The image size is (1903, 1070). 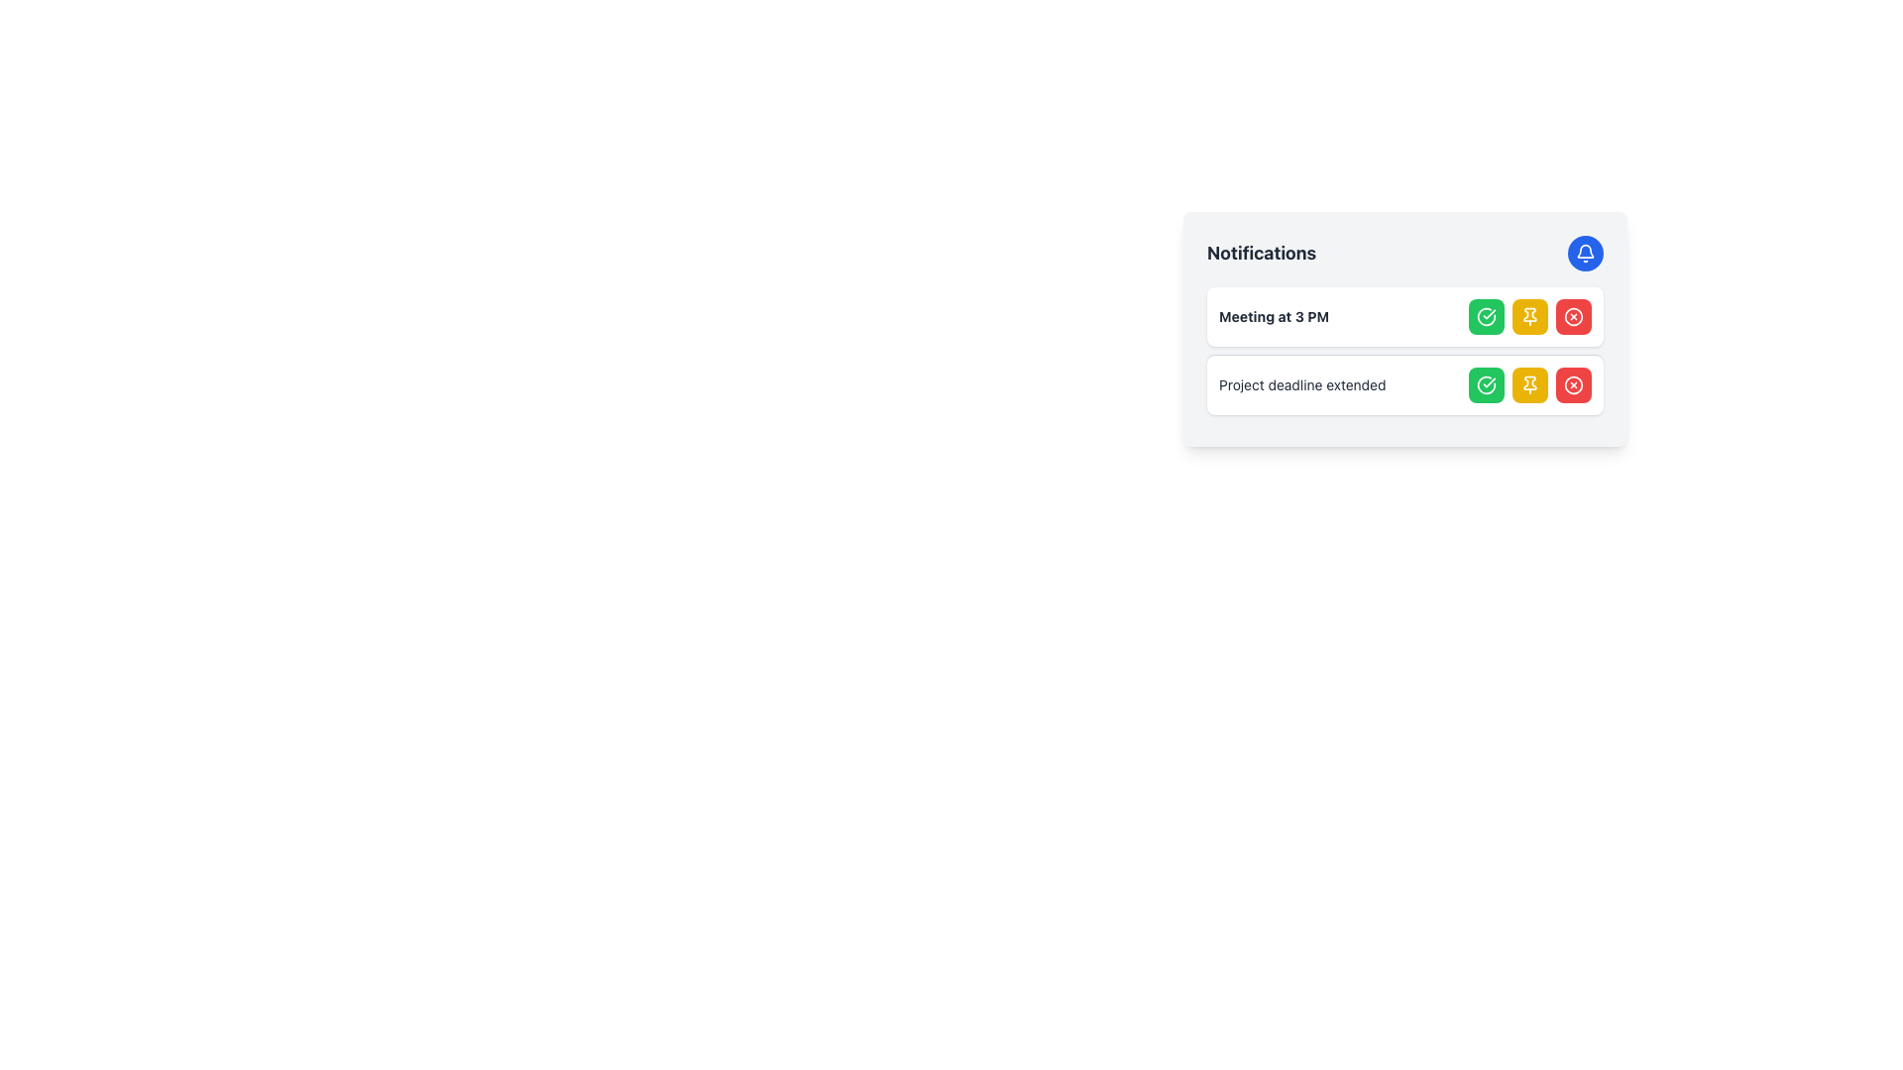 What do you see at coordinates (1573, 316) in the screenshot?
I see `the rightmost icon in the red interactive area associated with the second notification in the vertically arranged notification list` at bounding box center [1573, 316].